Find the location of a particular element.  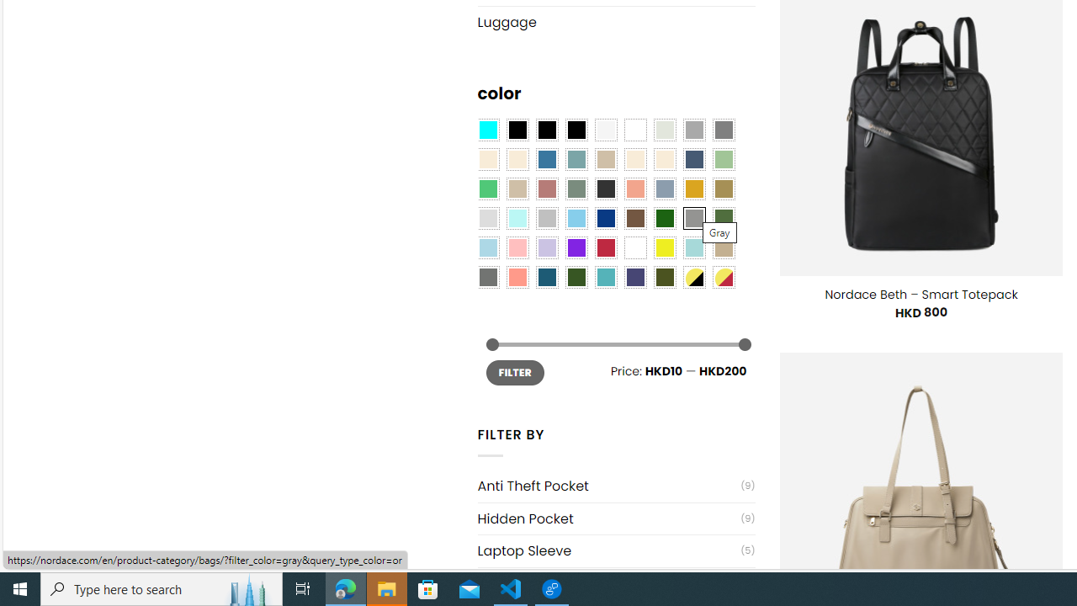

'Light Taupe' is located at coordinates (517, 189).